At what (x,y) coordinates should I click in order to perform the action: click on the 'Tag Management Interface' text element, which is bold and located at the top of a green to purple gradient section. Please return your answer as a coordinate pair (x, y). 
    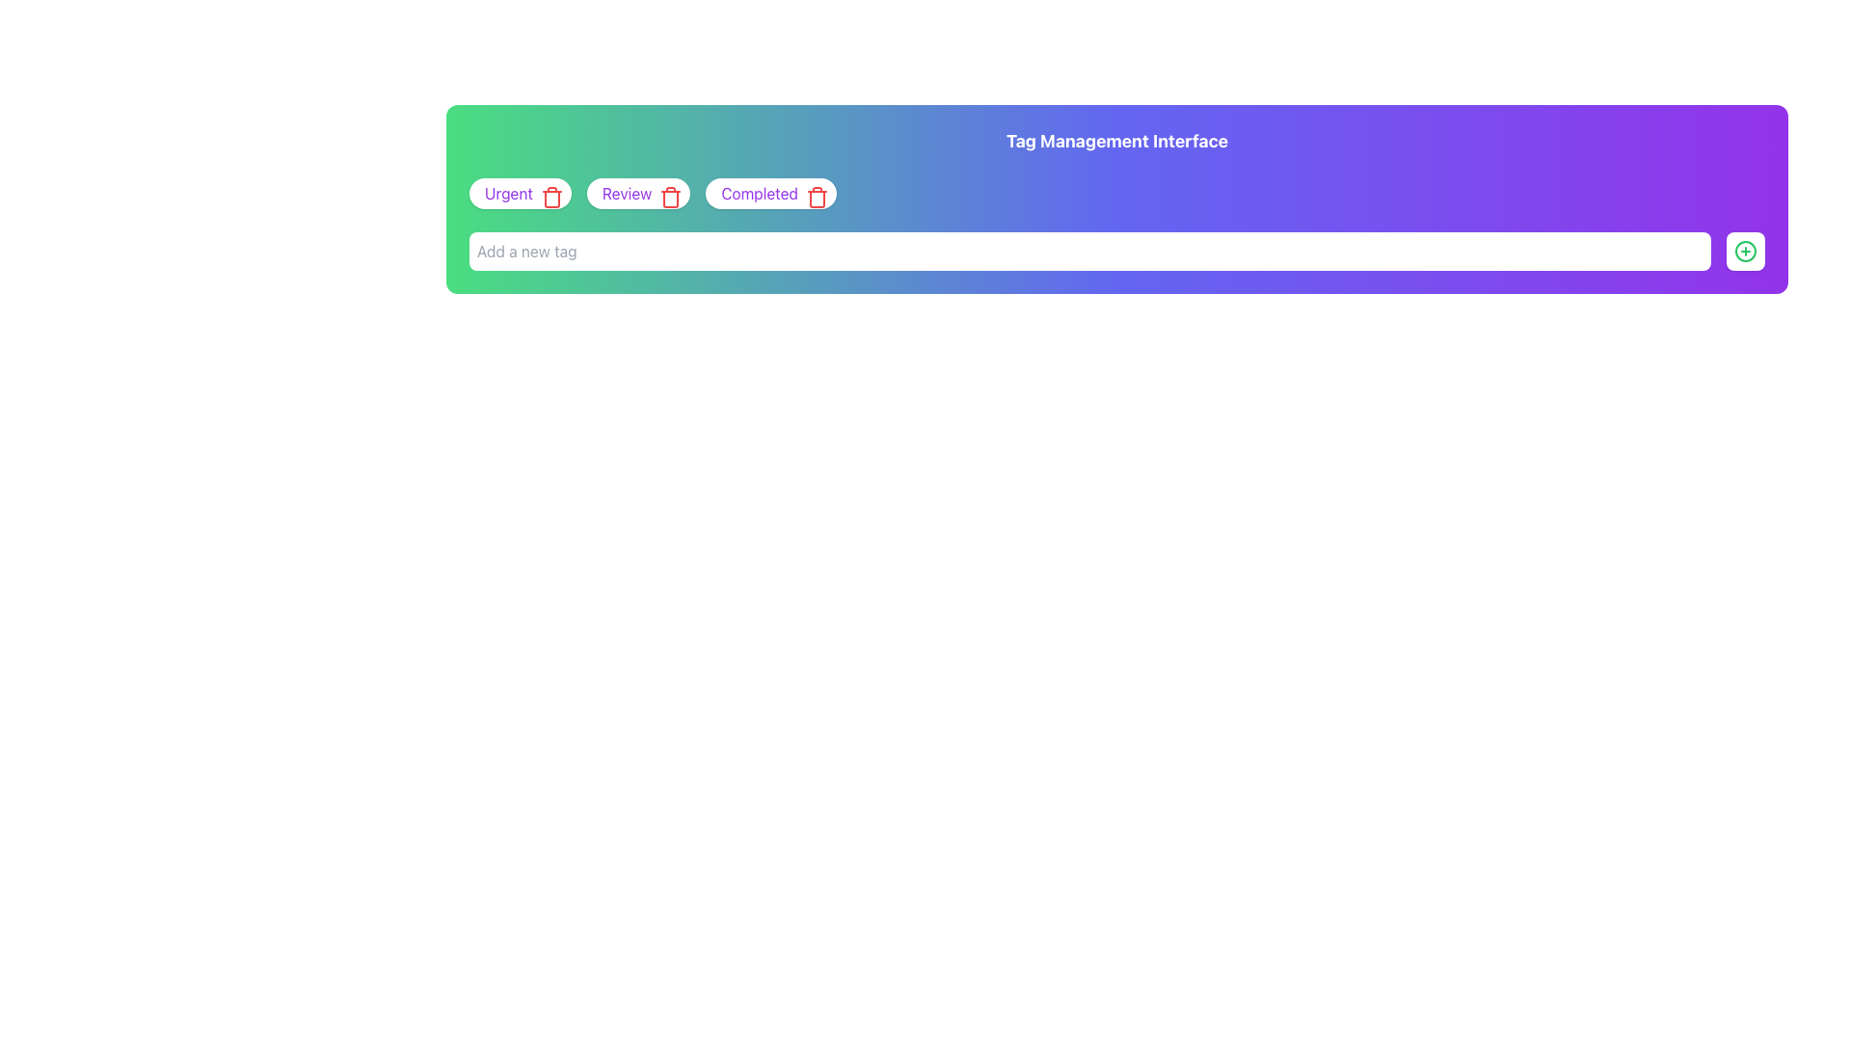
    Looking at the image, I should click on (1116, 140).